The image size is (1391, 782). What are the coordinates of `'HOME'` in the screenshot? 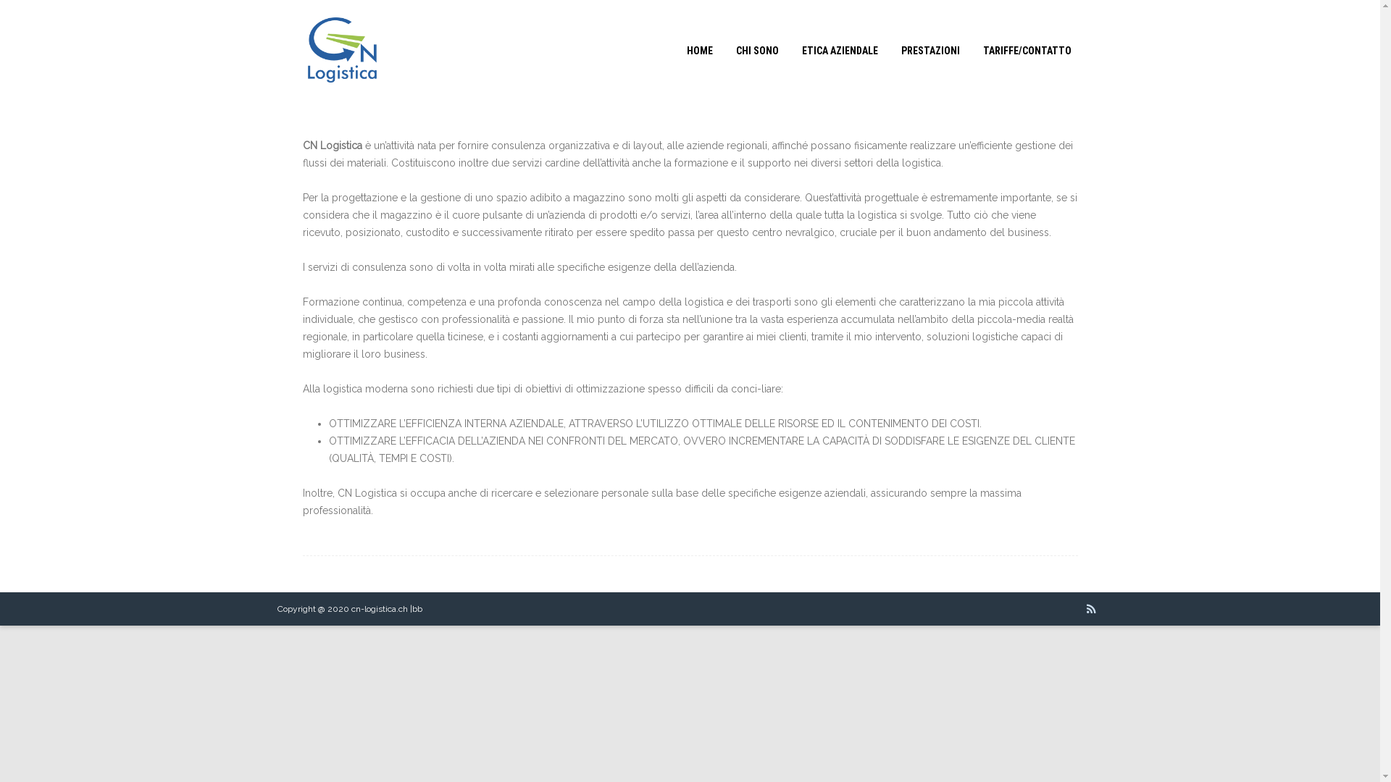 It's located at (698, 49).